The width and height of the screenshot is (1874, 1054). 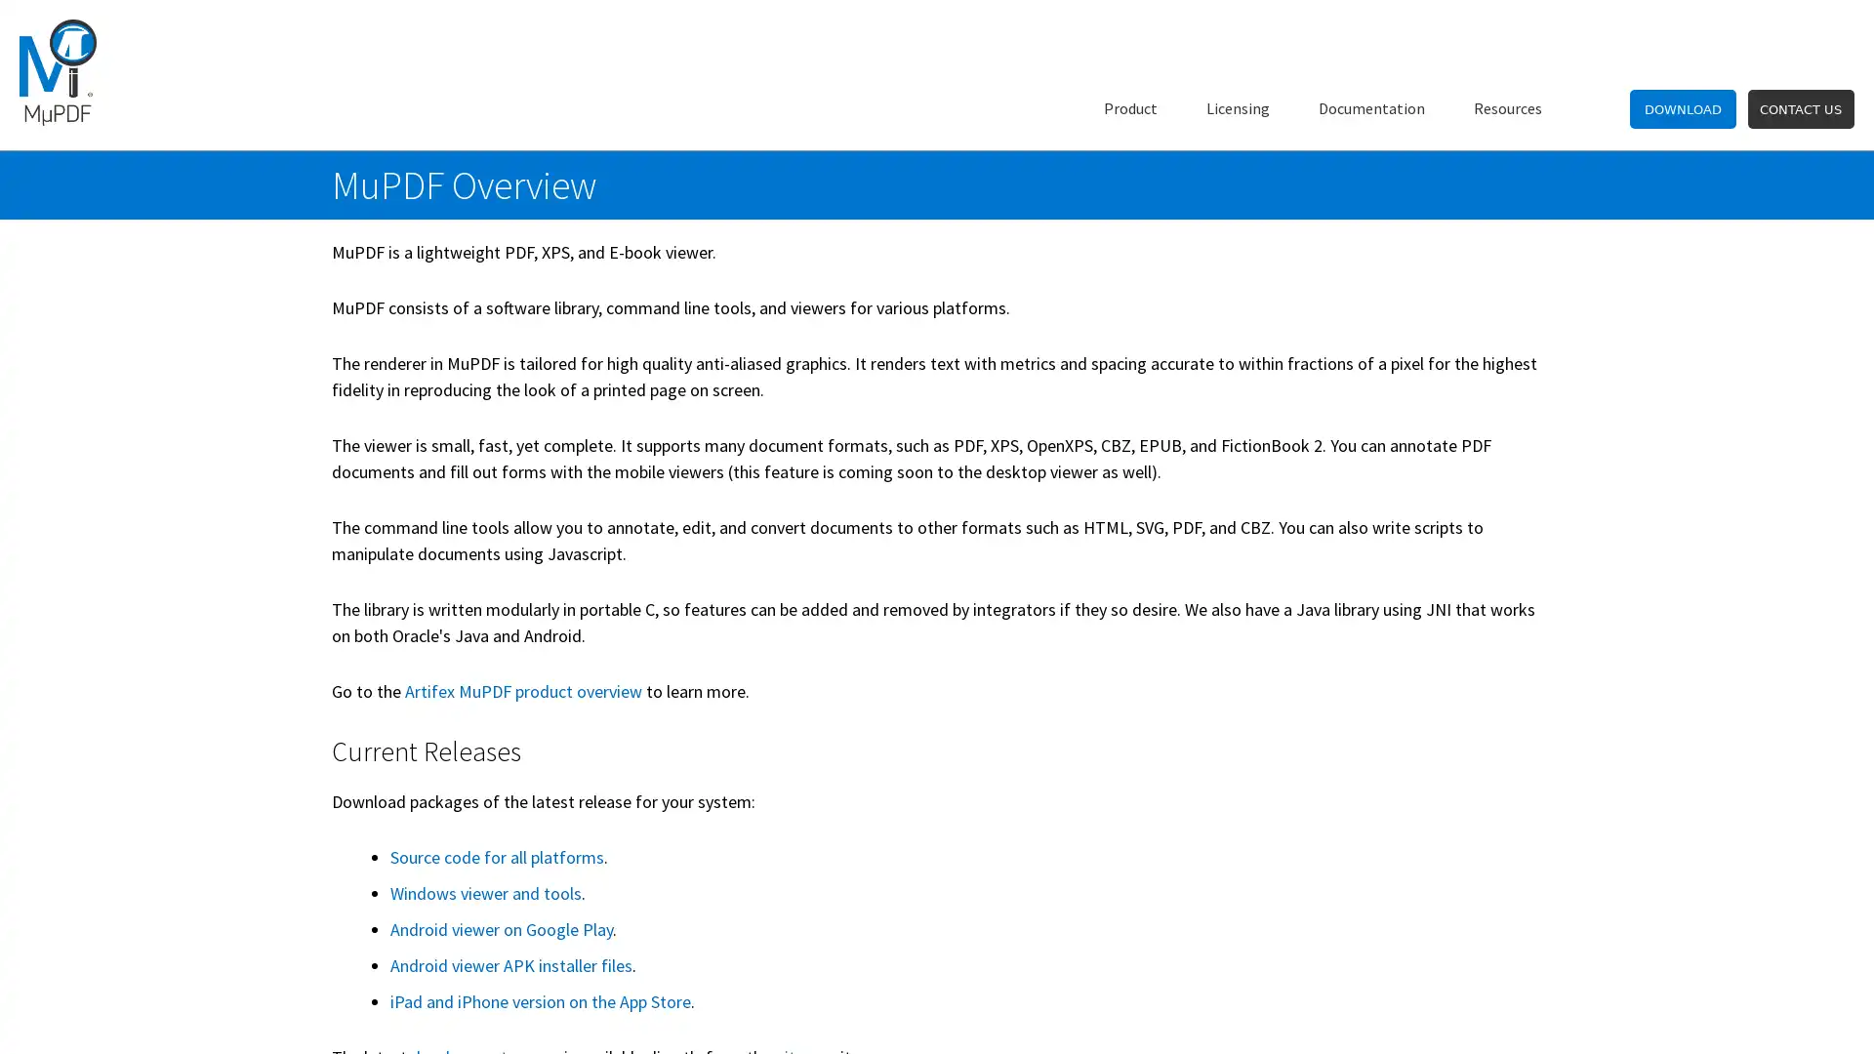 I want to click on DOWNLOAD, so click(x=1682, y=108).